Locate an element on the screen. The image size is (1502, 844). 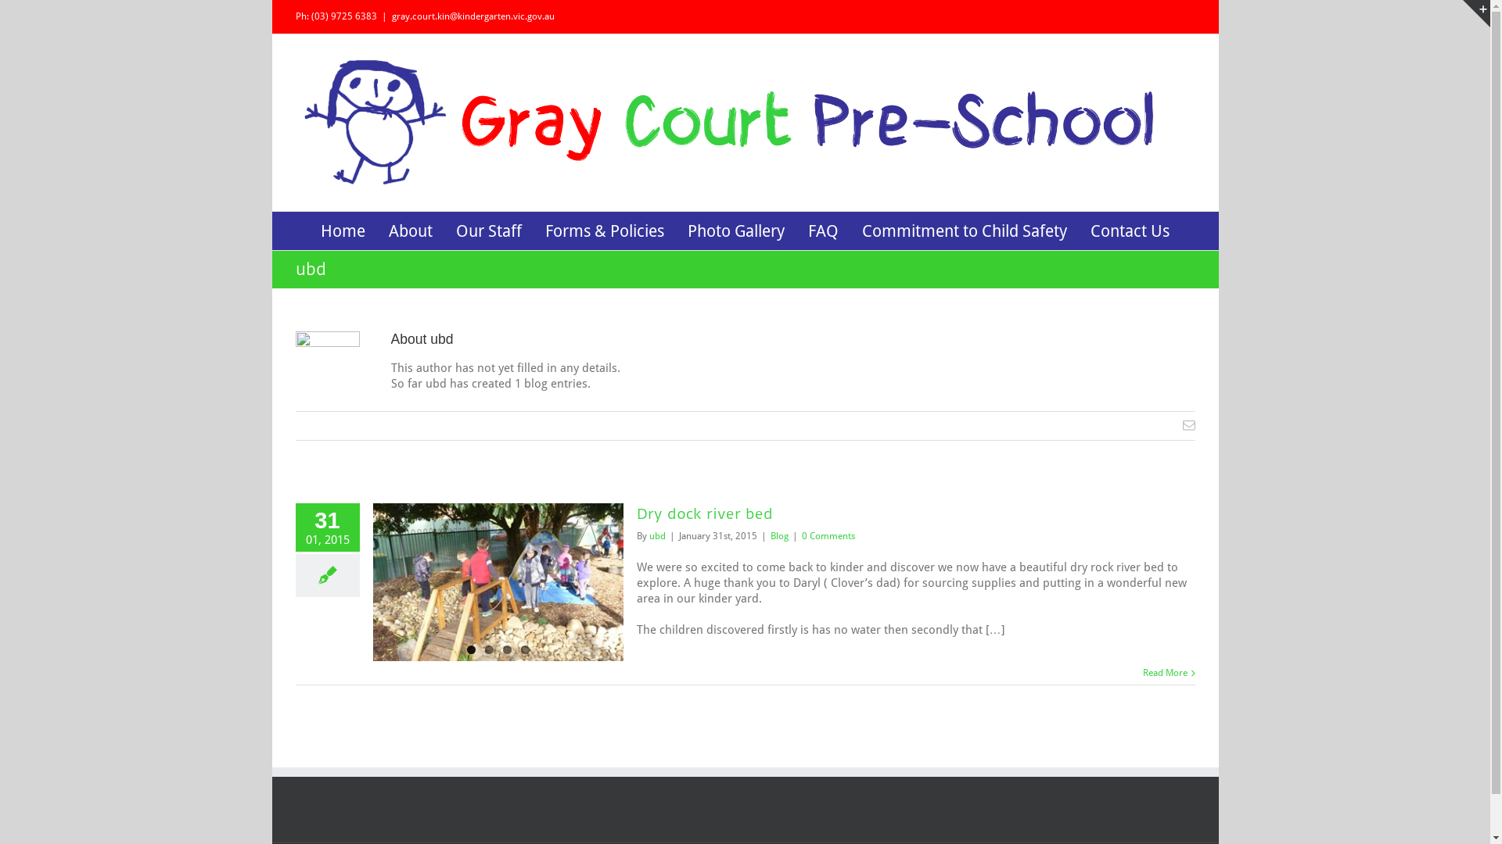
'ubd' is located at coordinates (657, 535).